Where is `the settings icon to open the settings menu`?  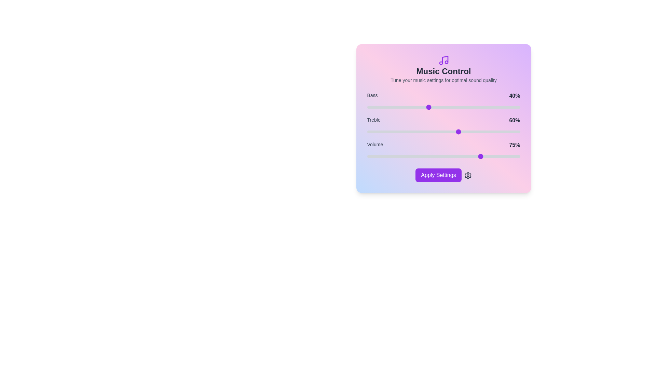
the settings icon to open the settings menu is located at coordinates (467, 175).